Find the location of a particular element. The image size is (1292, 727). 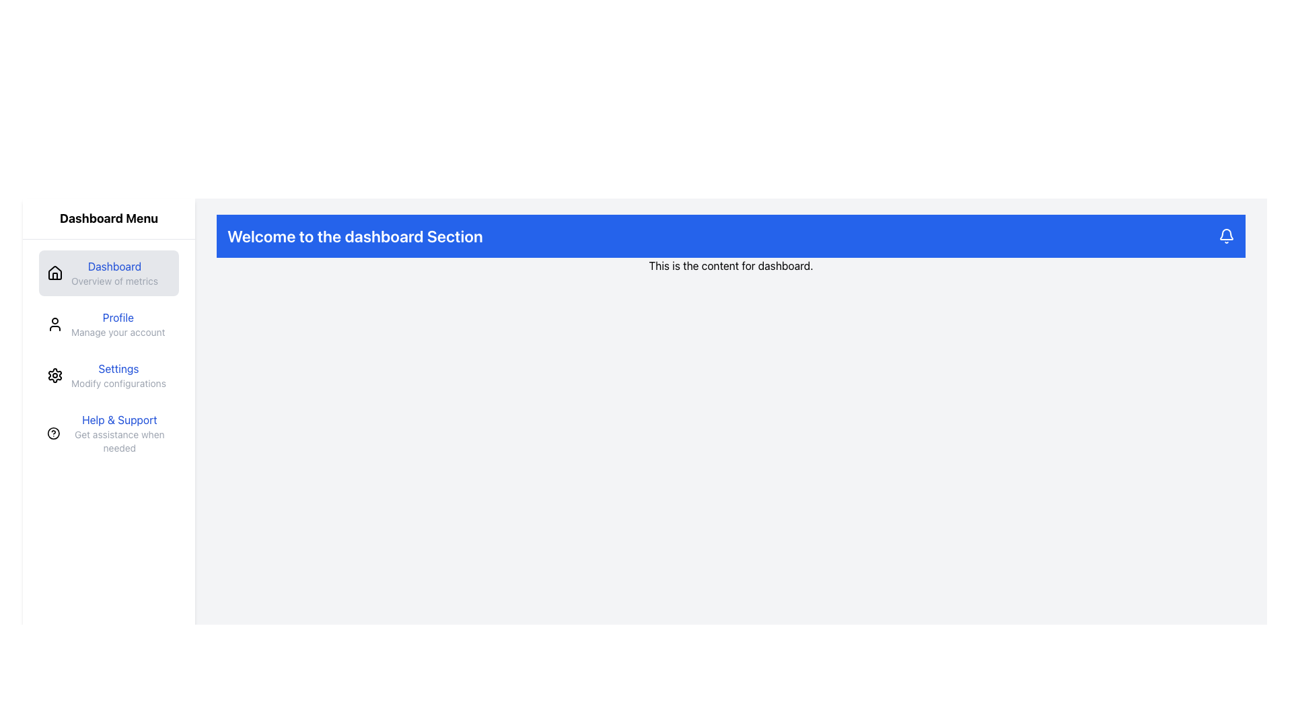

the bell-shaped icon located at the far right of the blue header section is located at coordinates (1227, 236).